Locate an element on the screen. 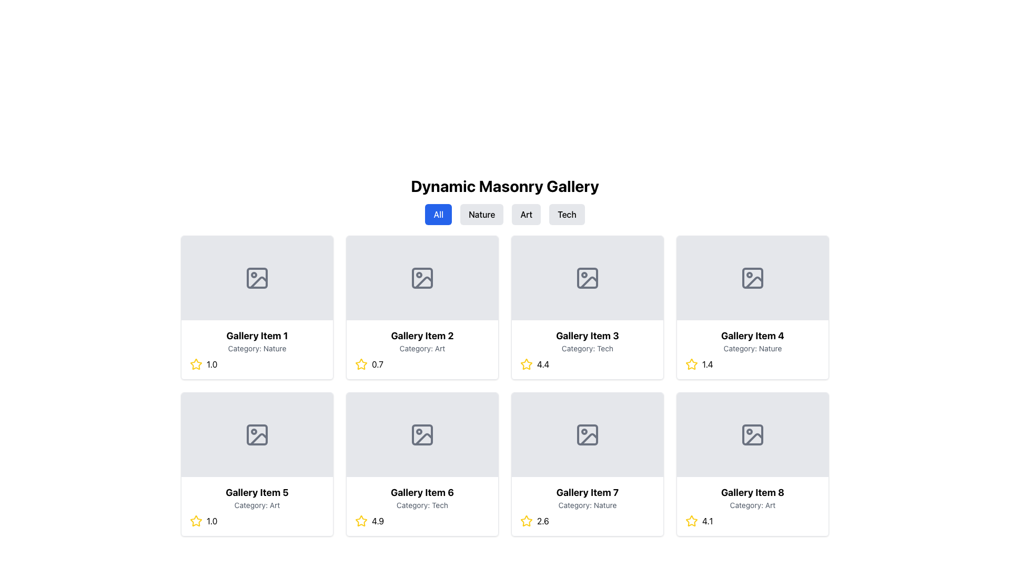  decorative rectangle element located within the icon of 'Gallery Item 3' card, positioned in the top-left corner of the image icon is located at coordinates (587, 277).